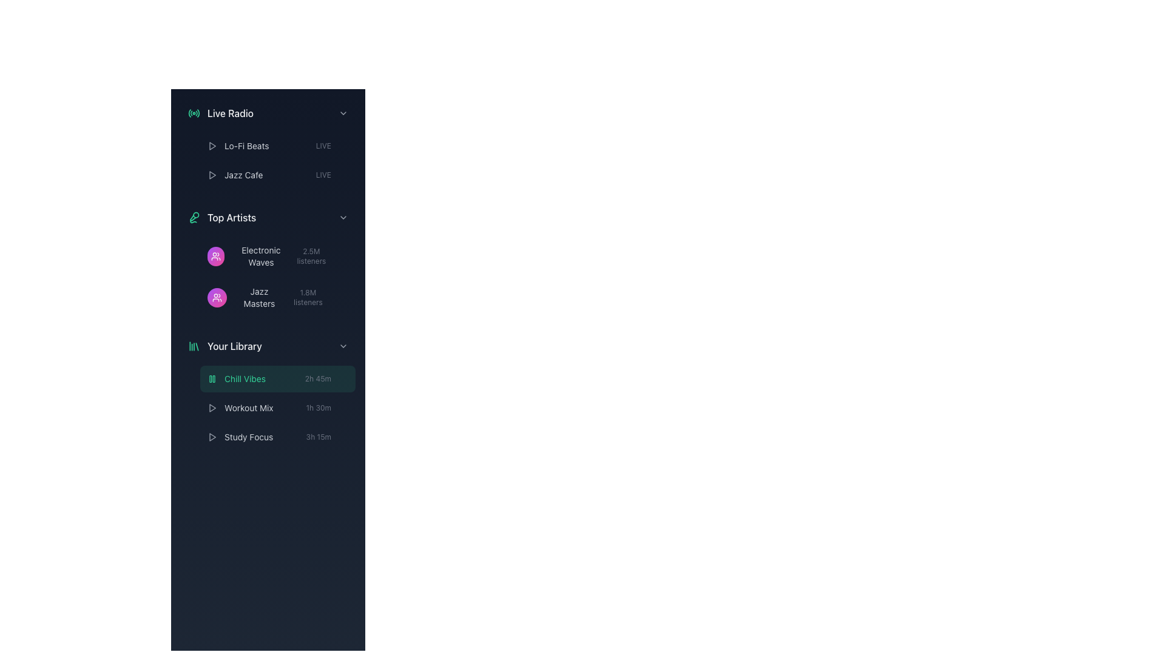 This screenshot has width=1165, height=655. What do you see at coordinates (343, 113) in the screenshot?
I see `the Icon (Chevron-right, rotated downward as a downward arrow) positioned at the far right side of the 'Live Radio' item` at bounding box center [343, 113].